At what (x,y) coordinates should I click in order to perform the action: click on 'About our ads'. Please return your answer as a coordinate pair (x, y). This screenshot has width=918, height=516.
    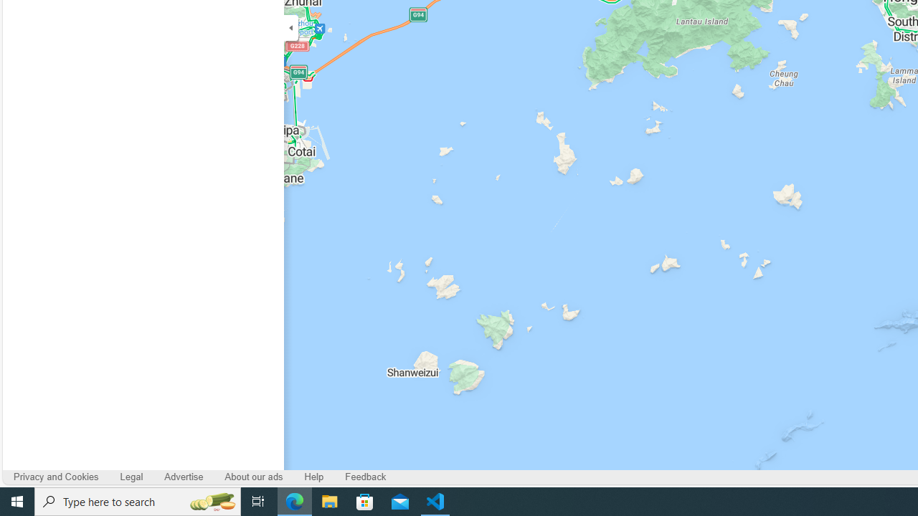
    Looking at the image, I should click on (254, 477).